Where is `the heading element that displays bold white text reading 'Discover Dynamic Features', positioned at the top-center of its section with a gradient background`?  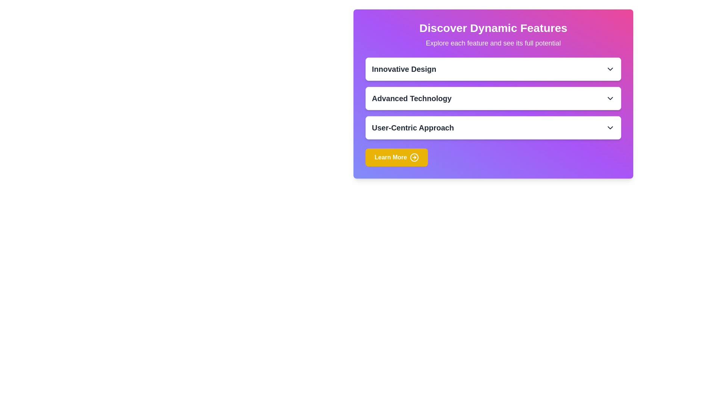 the heading element that displays bold white text reading 'Discover Dynamic Features', positioned at the top-center of its section with a gradient background is located at coordinates (493, 27).